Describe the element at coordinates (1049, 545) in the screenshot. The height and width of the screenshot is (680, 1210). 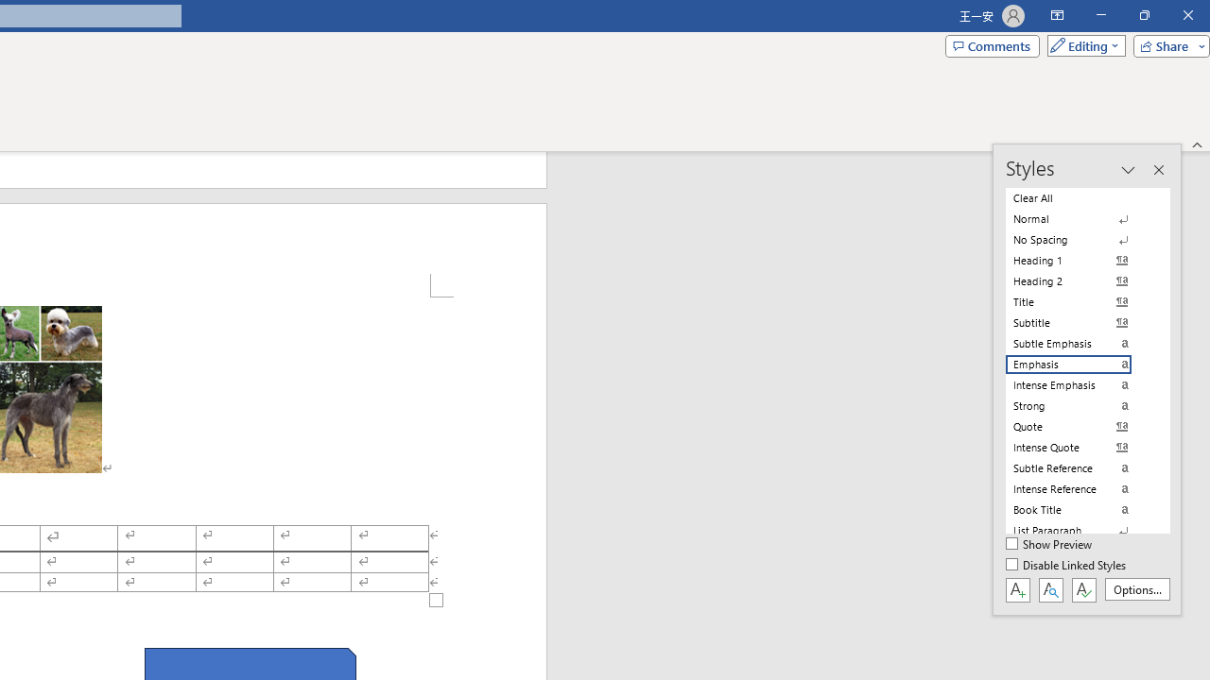
I see `'Show Preview'` at that location.